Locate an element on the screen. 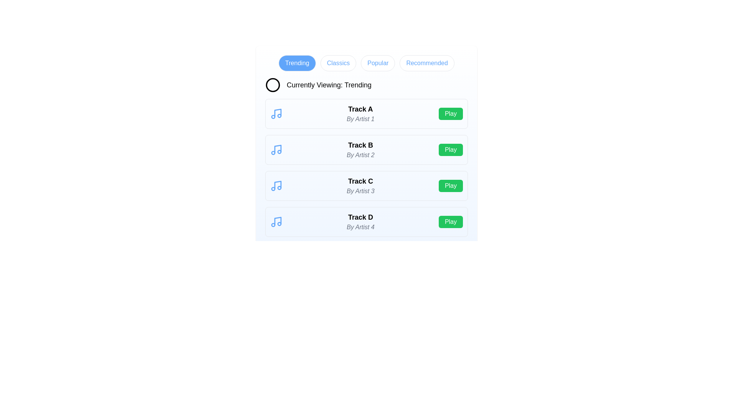  the 'Play' button for the track named Track B is located at coordinates (451, 149).